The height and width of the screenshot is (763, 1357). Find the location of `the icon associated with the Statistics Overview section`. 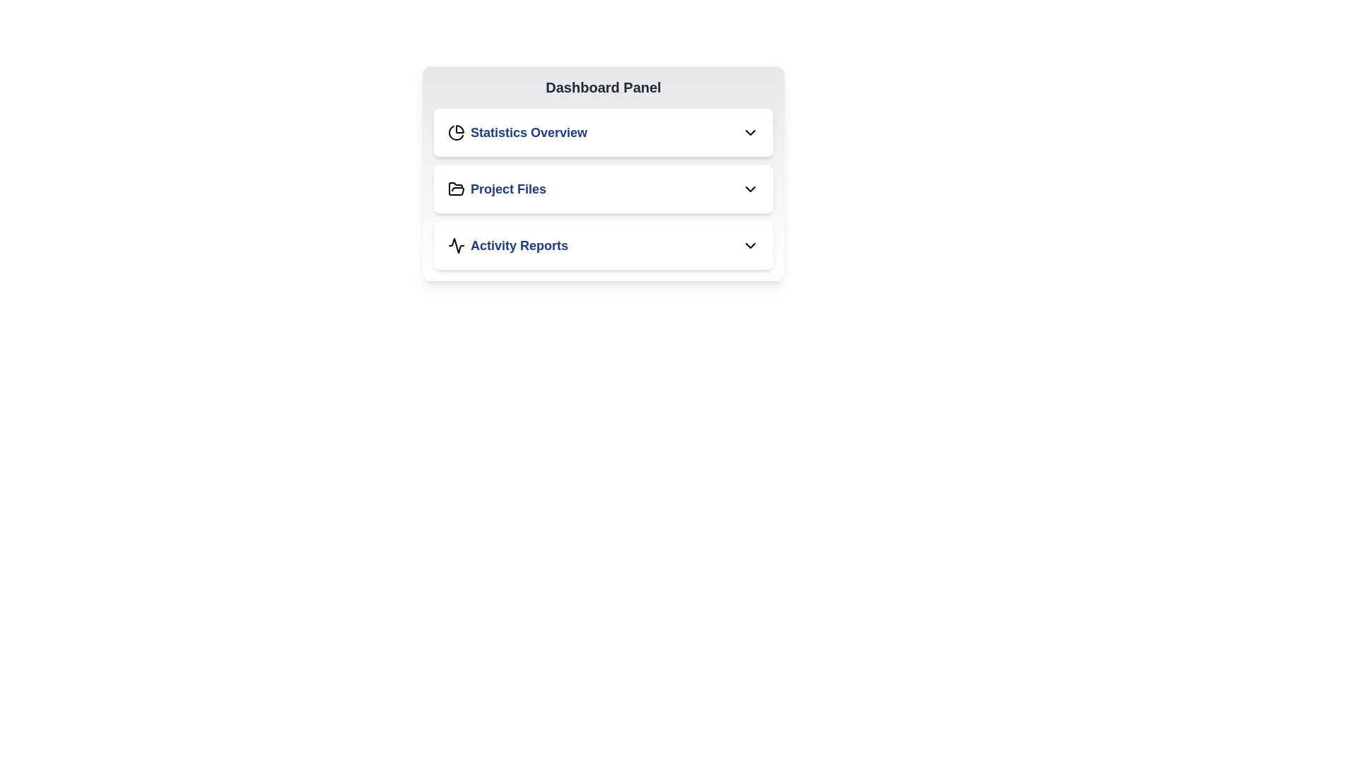

the icon associated with the Statistics Overview section is located at coordinates (457, 133).